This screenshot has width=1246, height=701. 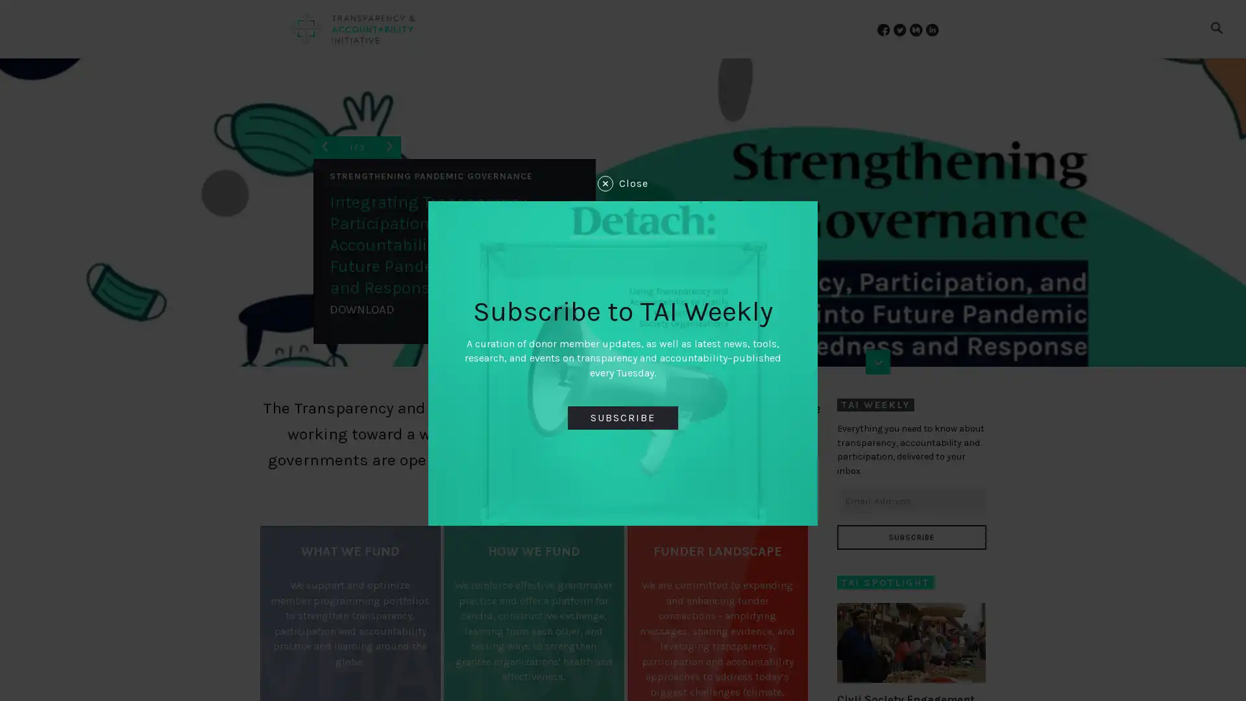 What do you see at coordinates (910, 536) in the screenshot?
I see `SUBSCRIBE` at bounding box center [910, 536].